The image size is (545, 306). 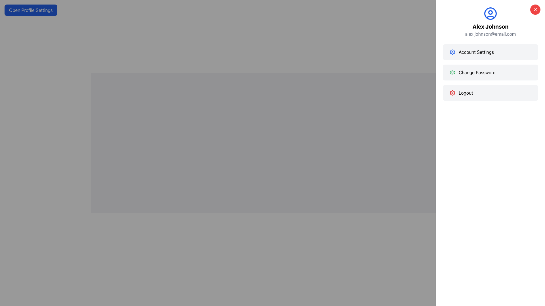 I want to click on the outermost blue circle icon in the user profile section, located at the top-right corner next to the name and email address, so click(x=490, y=13).